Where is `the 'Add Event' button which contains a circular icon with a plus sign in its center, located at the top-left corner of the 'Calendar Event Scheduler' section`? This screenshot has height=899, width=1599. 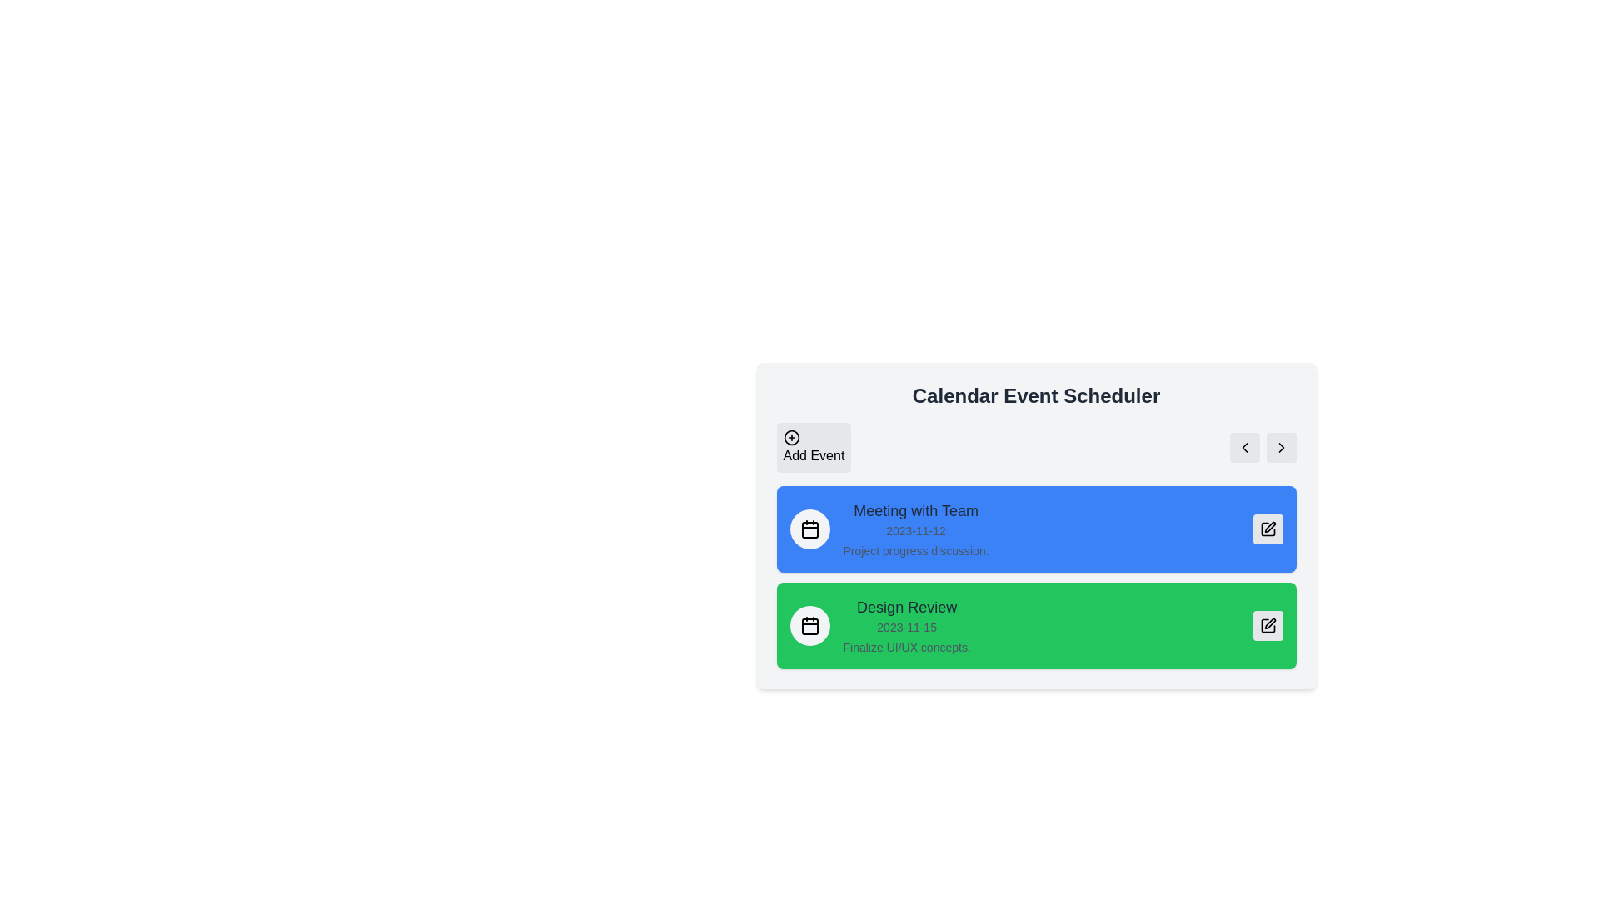 the 'Add Event' button which contains a circular icon with a plus sign in its center, located at the top-left corner of the 'Calendar Event Scheduler' section is located at coordinates (790, 436).